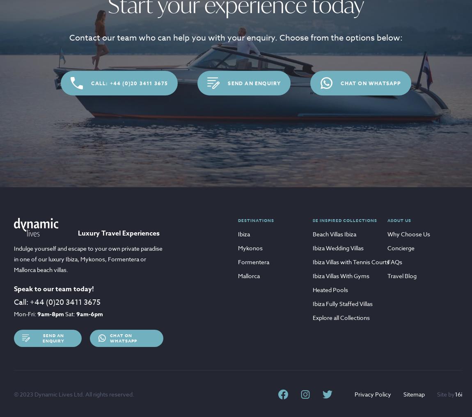 This screenshot has height=417, width=472. What do you see at coordinates (119, 233) in the screenshot?
I see `'Luxury Travel Experiences'` at bounding box center [119, 233].